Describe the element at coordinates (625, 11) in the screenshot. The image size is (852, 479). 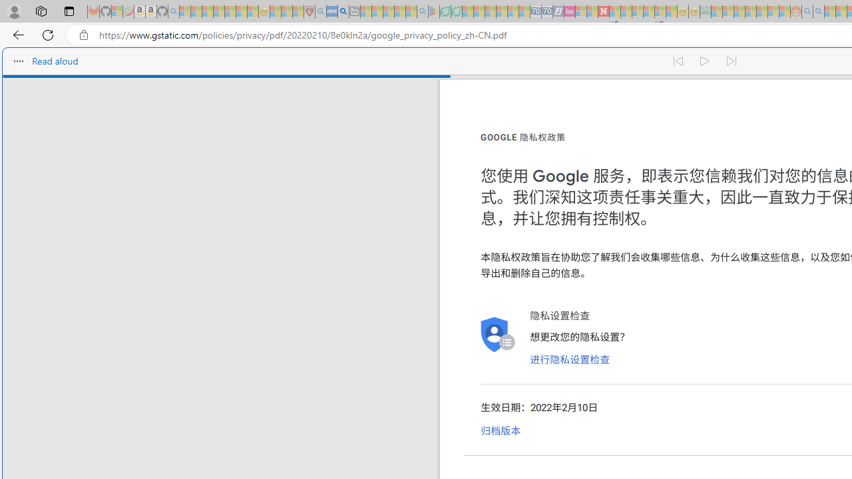
I see `'14 Common Myths Debunked By Scientific Facts - Sleeping'` at that location.